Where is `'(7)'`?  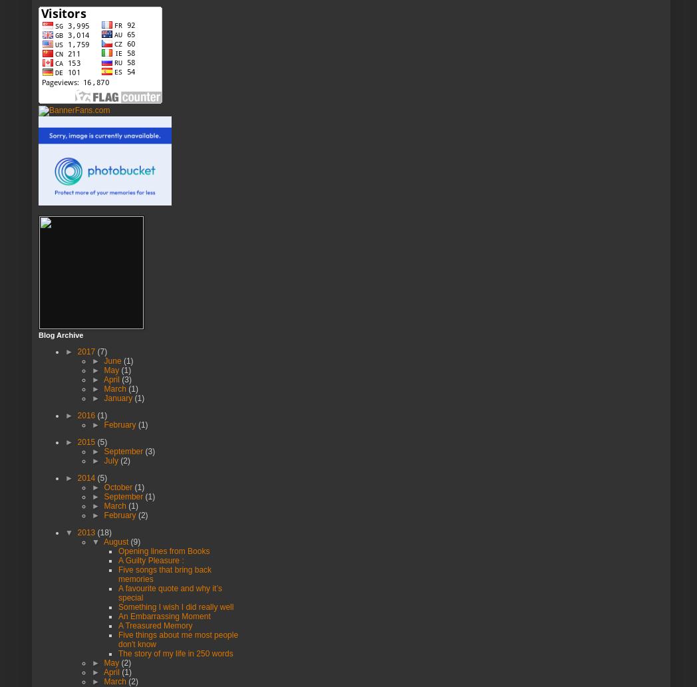
'(7)' is located at coordinates (102, 350).